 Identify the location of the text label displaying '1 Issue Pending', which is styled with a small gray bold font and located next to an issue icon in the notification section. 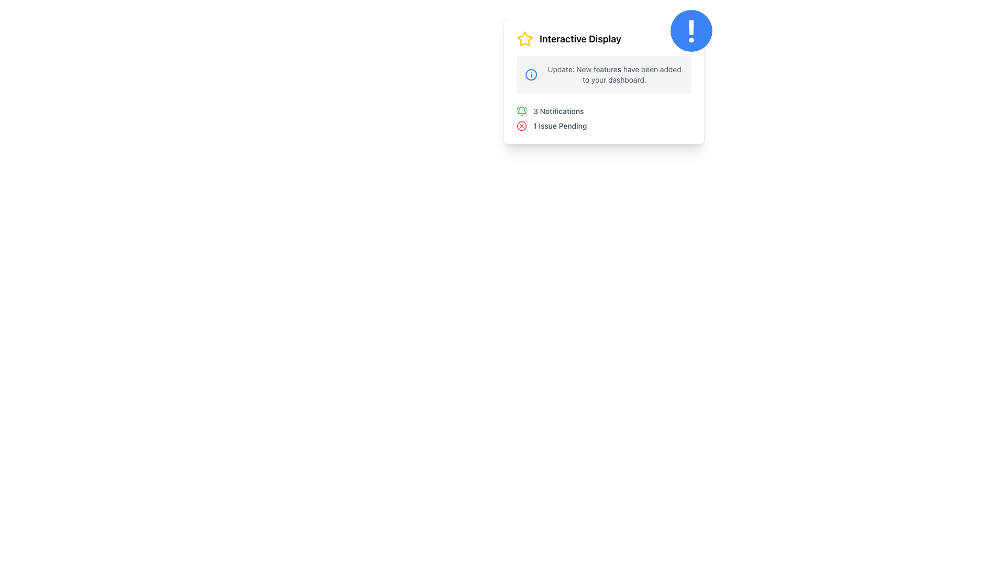
(560, 125).